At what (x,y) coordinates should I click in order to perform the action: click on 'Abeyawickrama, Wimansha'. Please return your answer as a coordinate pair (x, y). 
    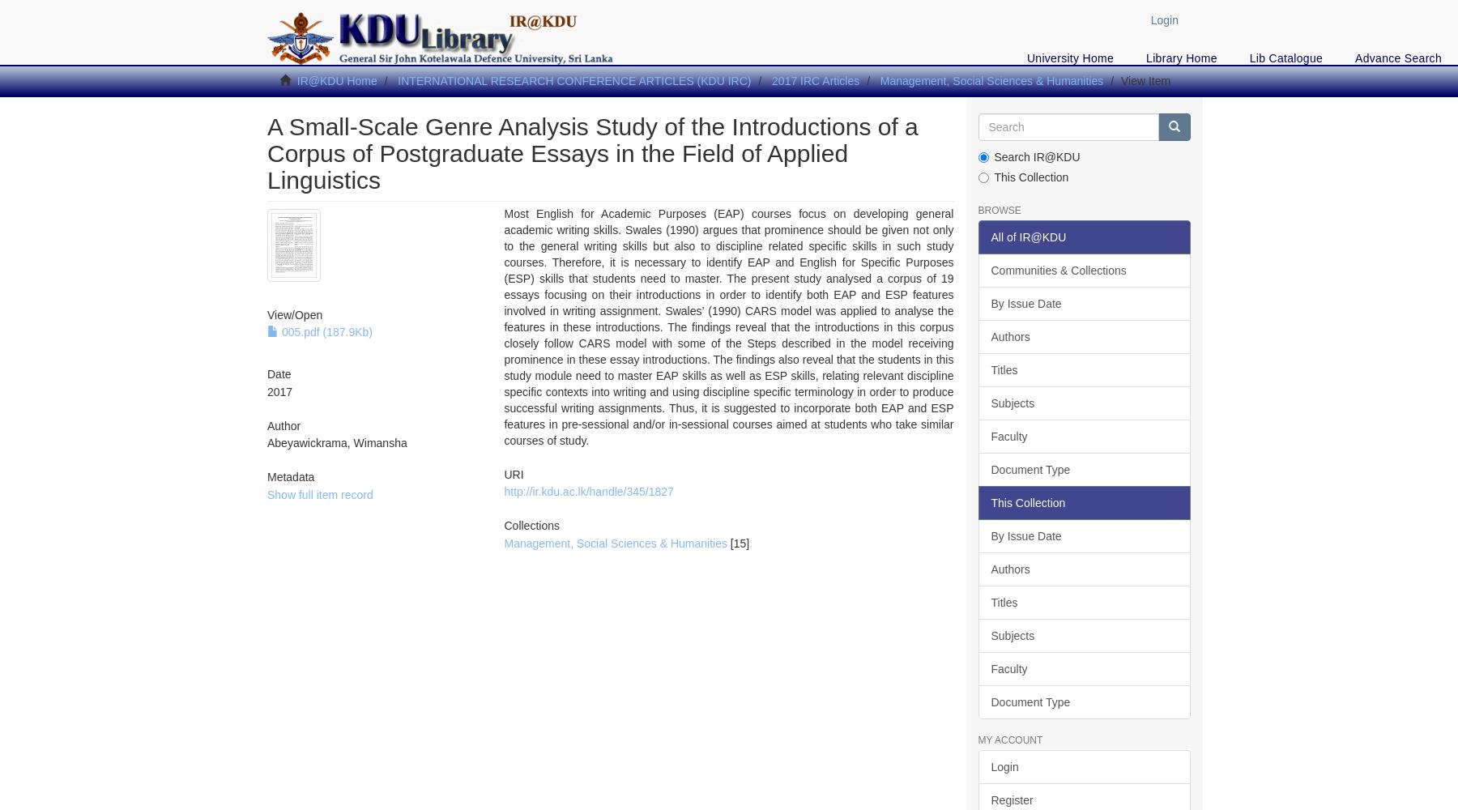
    Looking at the image, I should click on (336, 443).